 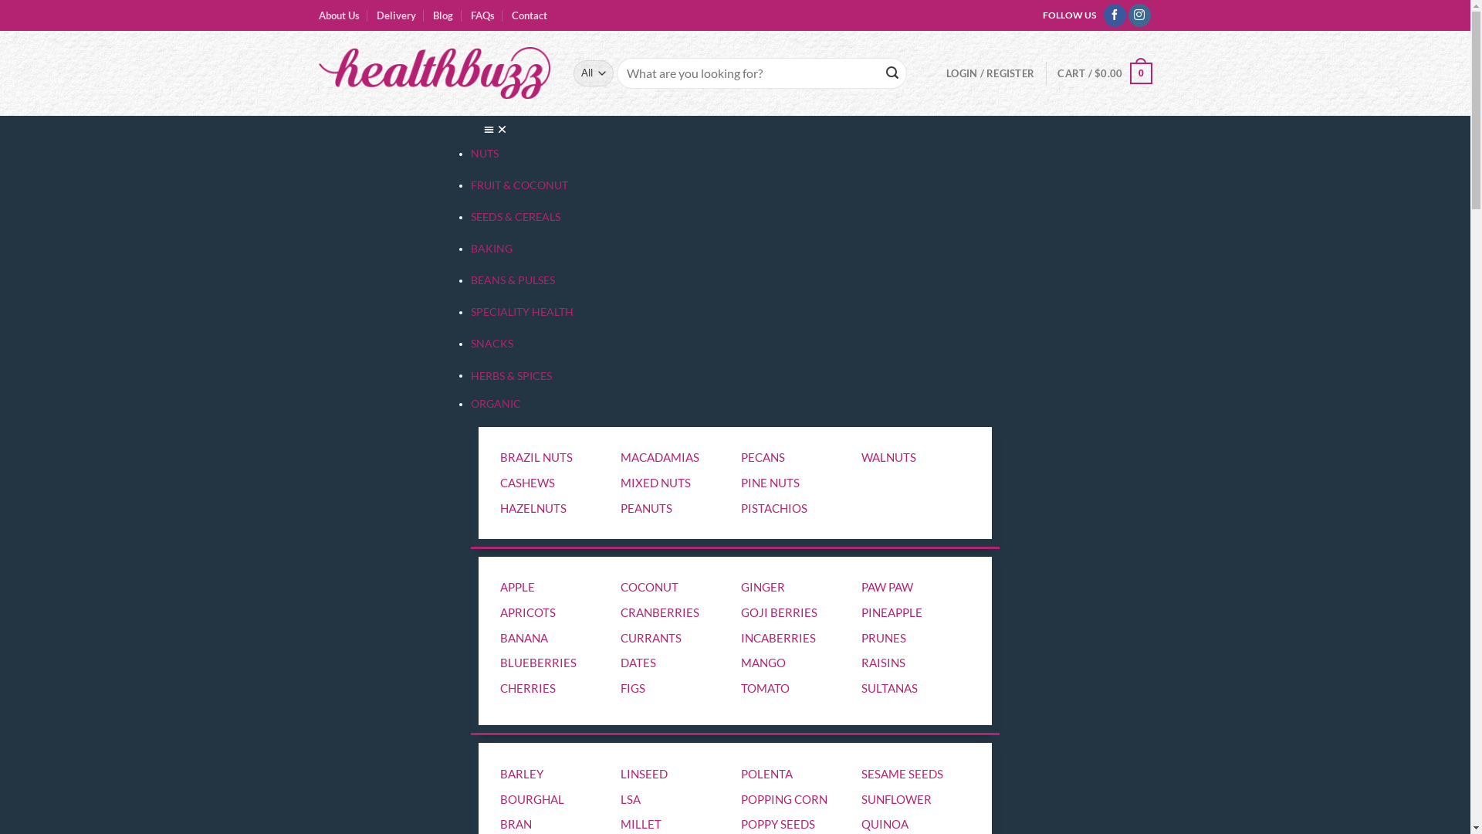 I want to click on 'BLUEBERRIES', so click(x=538, y=661).